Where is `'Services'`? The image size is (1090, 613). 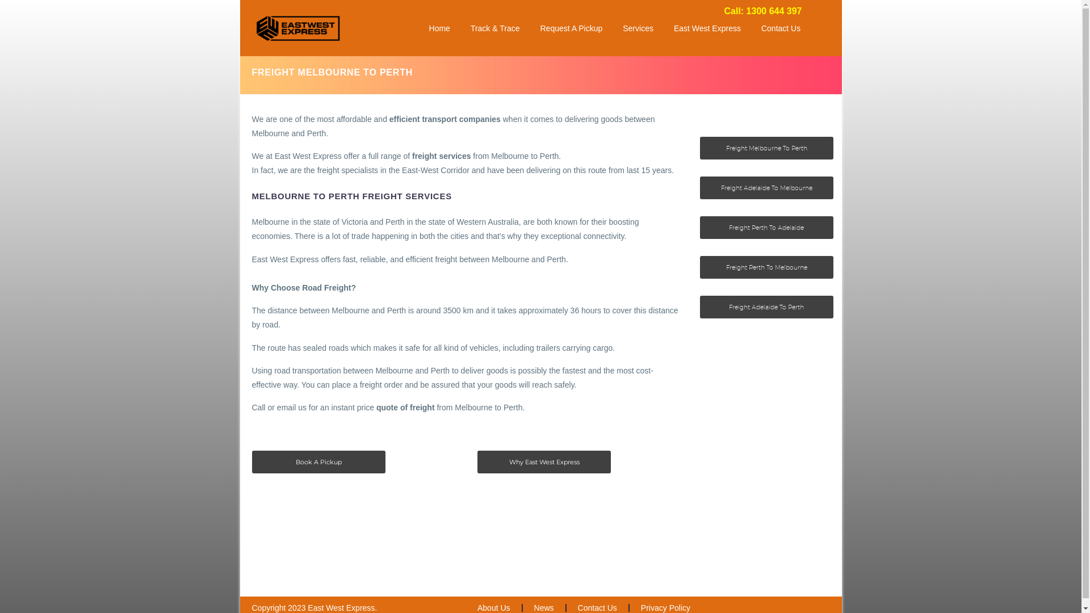
'Services' is located at coordinates (638, 28).